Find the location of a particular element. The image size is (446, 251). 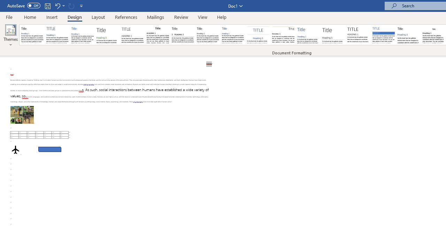

'Can' is located at coordinates (71, 6).